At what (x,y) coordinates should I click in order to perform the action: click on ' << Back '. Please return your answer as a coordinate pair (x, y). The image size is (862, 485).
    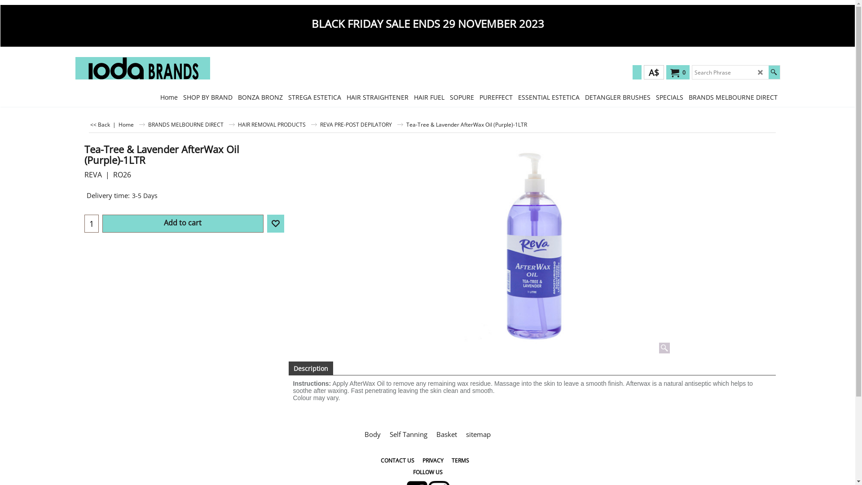
    Looking at the image, I should click on (100, 124).